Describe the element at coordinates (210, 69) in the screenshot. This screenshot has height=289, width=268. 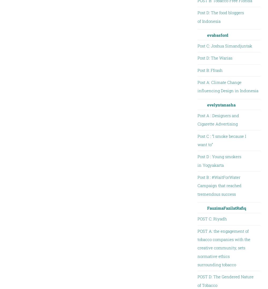
I see `'Post B: Ffrash'` at that location.